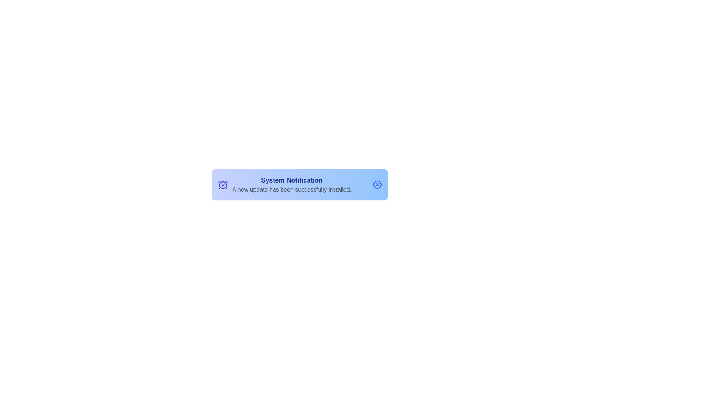 This screenshot has width=703, height=395. I want to click on the circular shape rendered as part of the clock icon, which is centrally located inside the main circular frame of the clock symbol, so click(222, 185).